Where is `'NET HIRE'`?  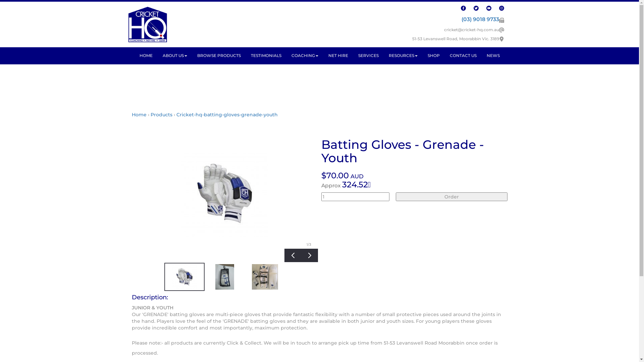 'NET HIRE' is located at coordinates (323, 55).